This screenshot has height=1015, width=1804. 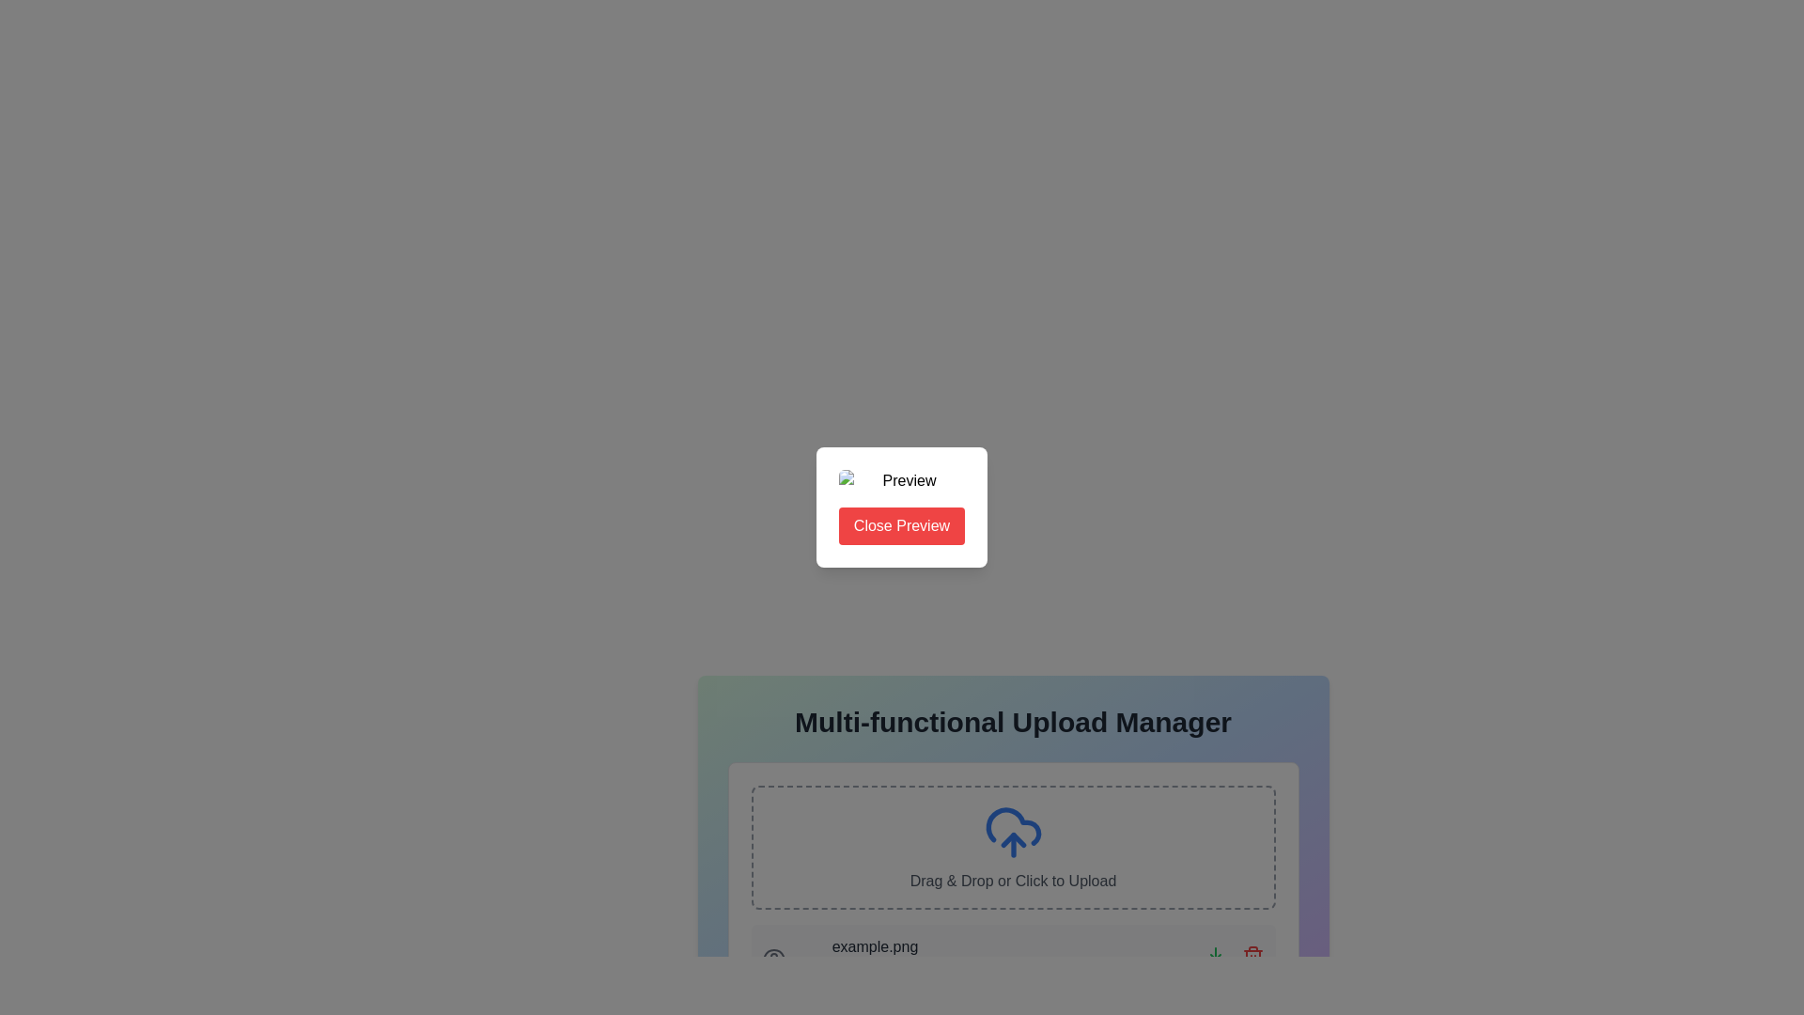 What do you see at coordinates (1012, 832) in the screenshot?
I see `the file upload icon positioned in the center of the upload interface above the text 'Drag & Drop or Click to Upload'` at bounding box center [1012, 832].